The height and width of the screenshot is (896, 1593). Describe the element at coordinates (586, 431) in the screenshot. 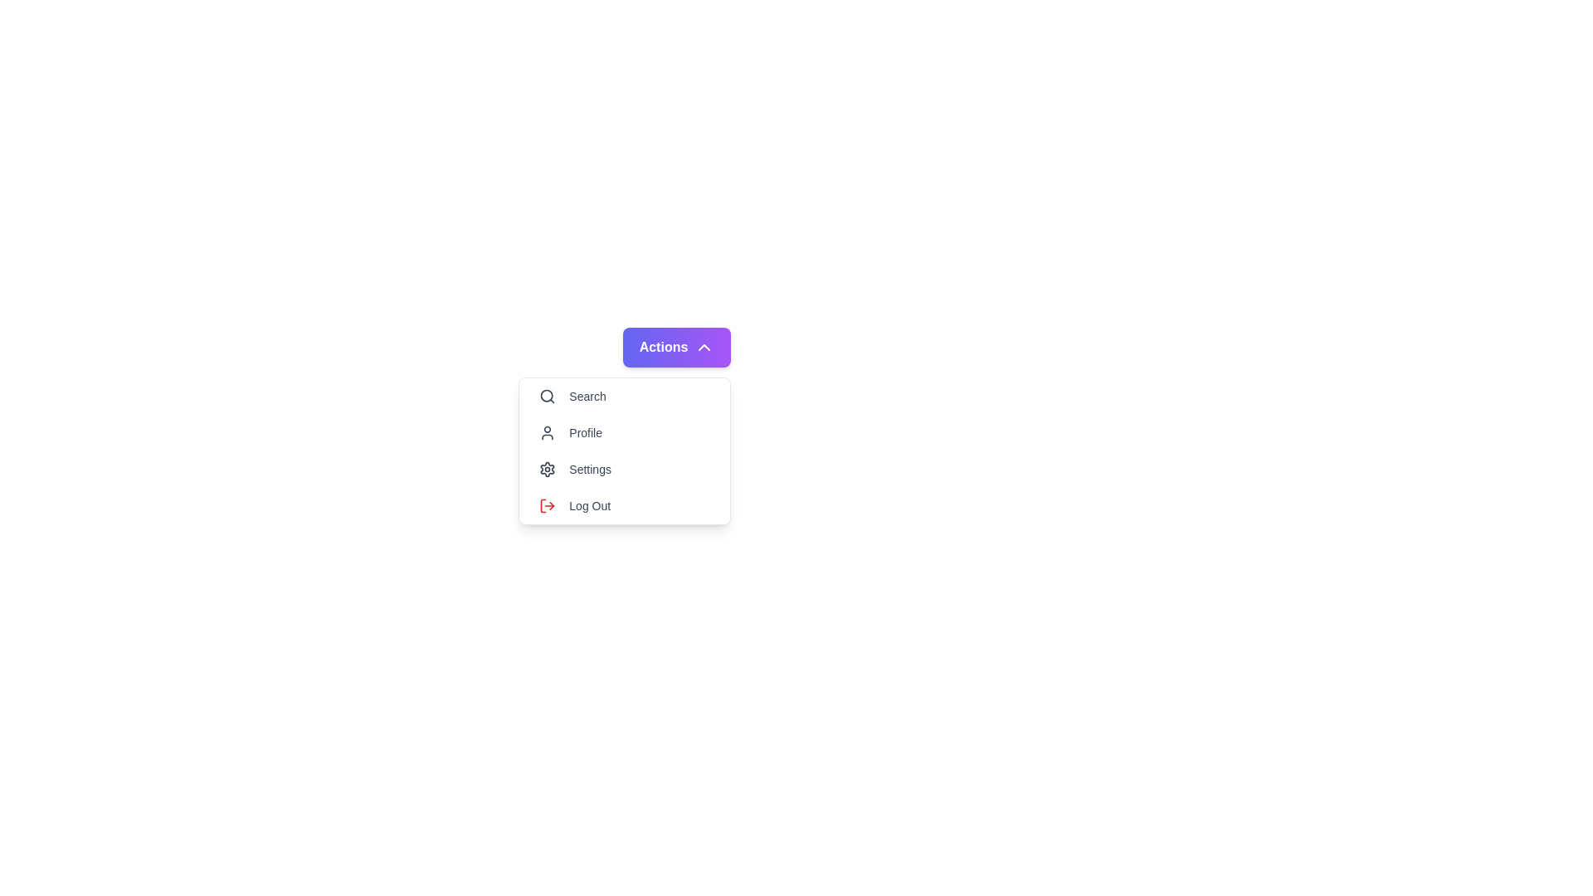

I see `the 'Profile' text label, which is styled in gray sans-serif font and positioned below 'Search' in the dropdown menu` at that location.